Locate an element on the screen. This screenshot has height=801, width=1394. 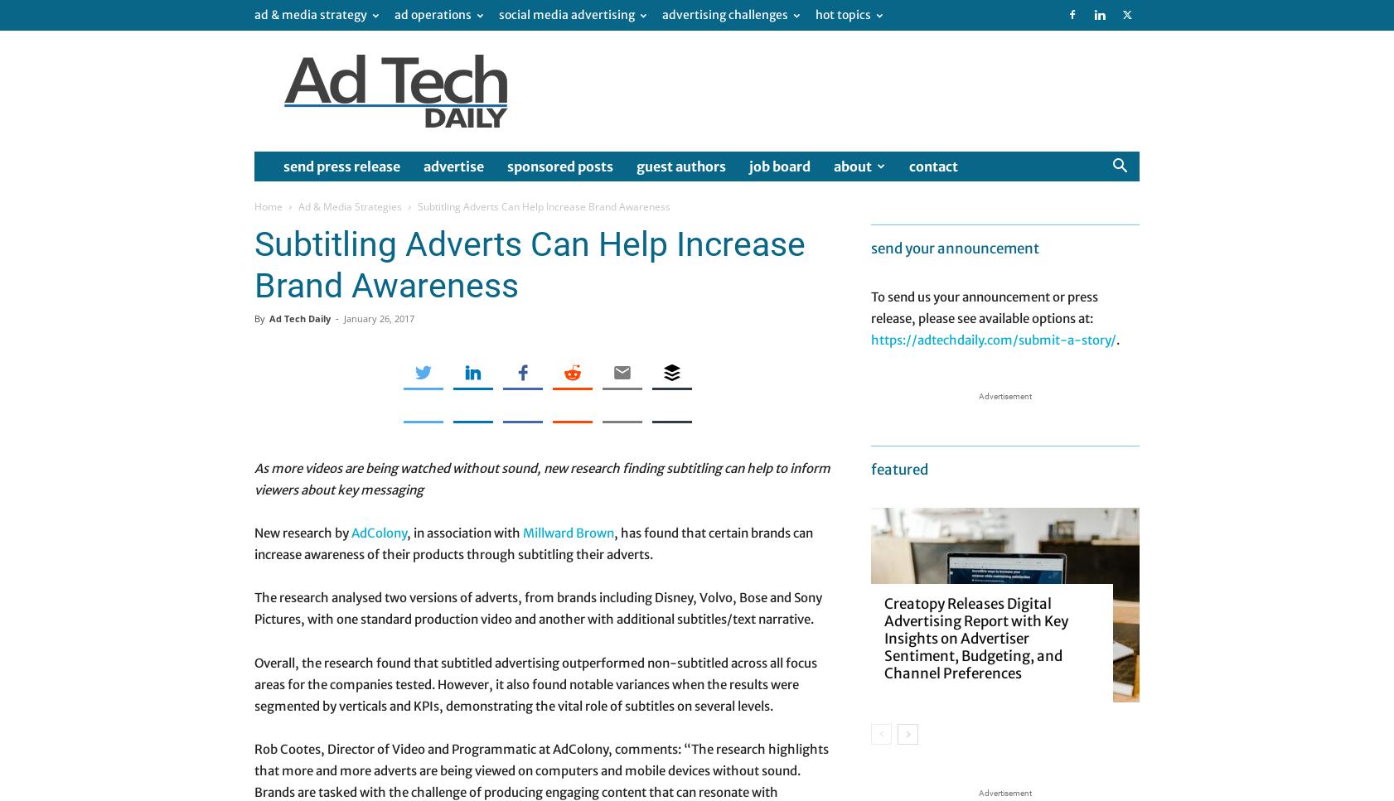
'By' is located at coordinates (259, 318).